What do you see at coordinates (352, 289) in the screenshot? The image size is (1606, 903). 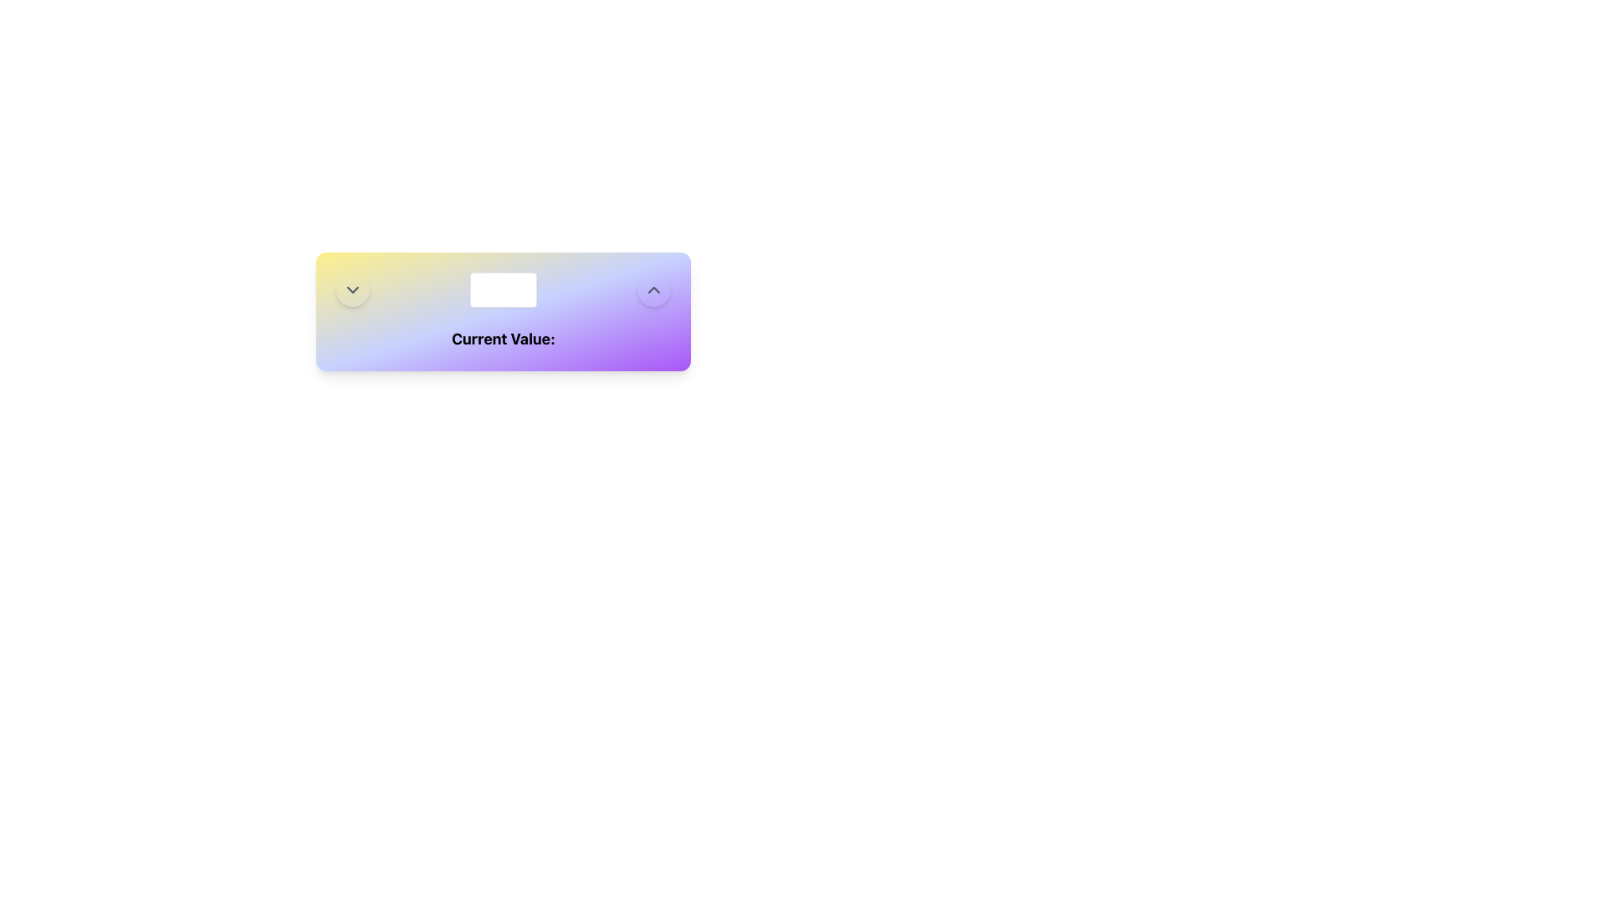 I see `the chevron-down icon, which is a gray V-shaped vector graphic within a circular background` at bounding box center [352, 289].